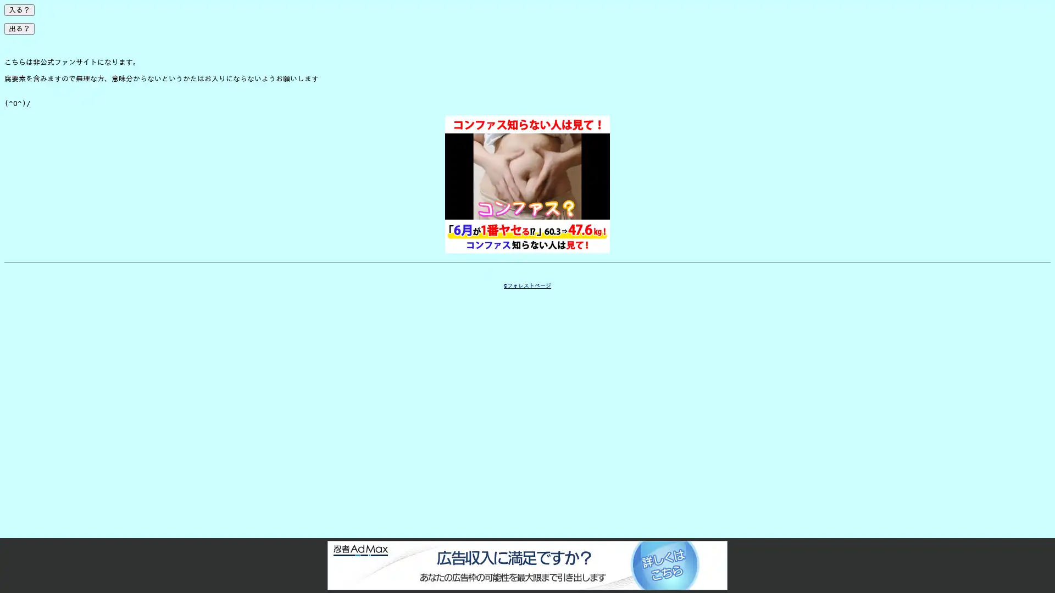 The image size is (1055, 593). What do you see at coordinates (19, 28) in the screenshot?
I see `?` at bounding box center [19, 28].